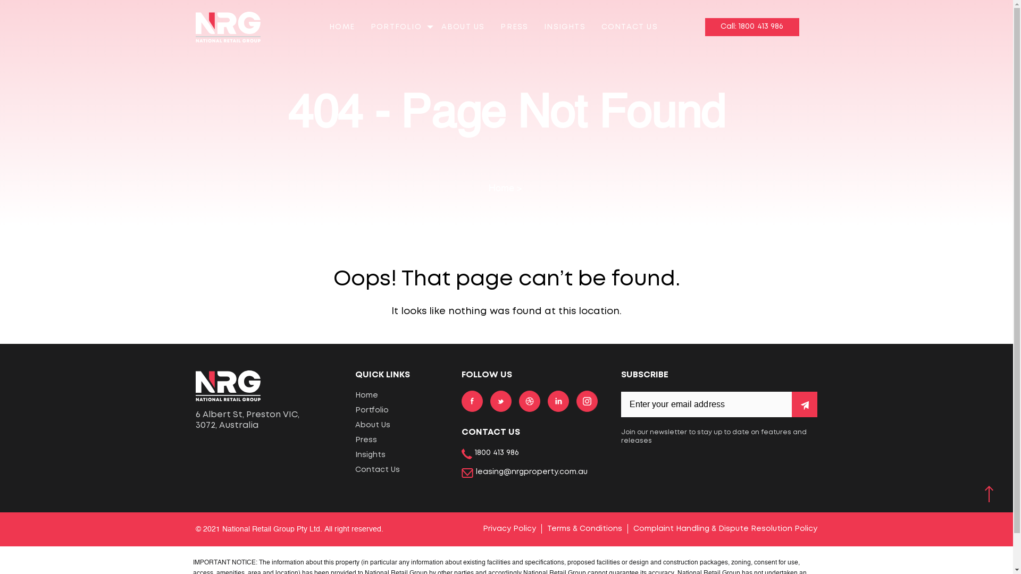 This screenshot has height=574, width=1021. Describe the element at coordinates (509, 529) in the screenshot. I see `'Privacy Policy'` at that location.